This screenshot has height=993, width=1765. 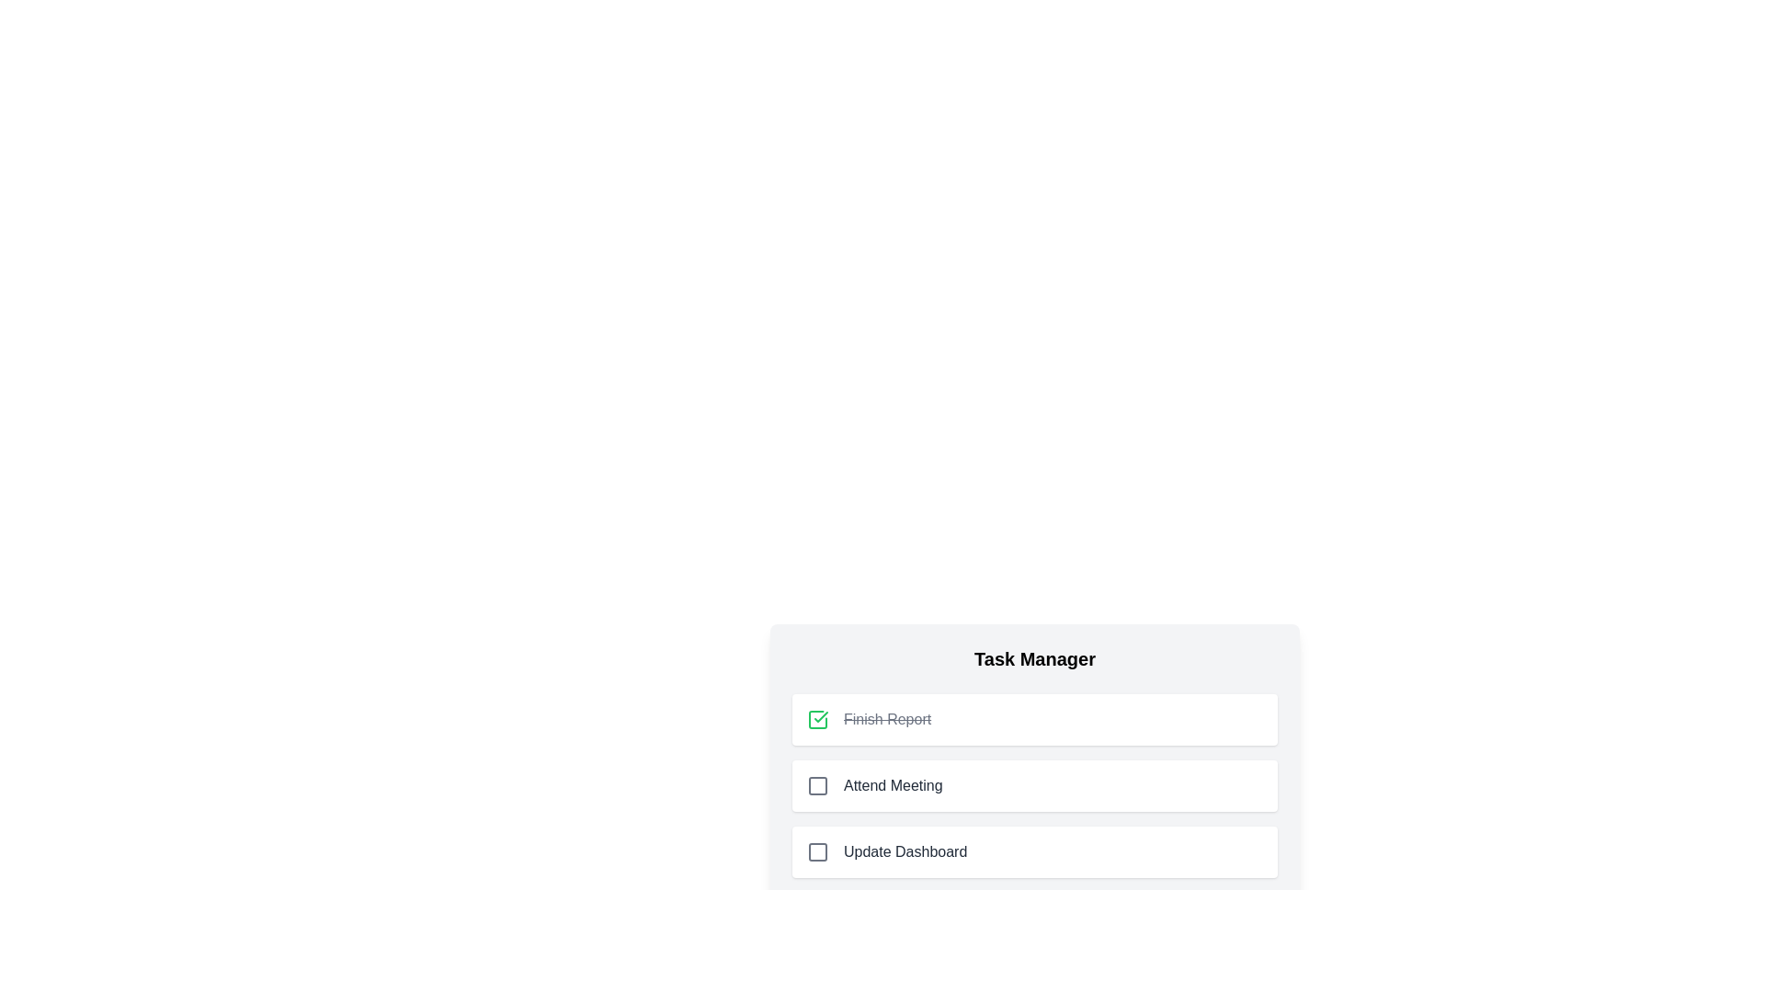 What do you see at coordinates (816, 786) in the screenshot?
I see `the checkbox located to the left of the 'Attend Meeting' text label` at bounding box center [816, 786].